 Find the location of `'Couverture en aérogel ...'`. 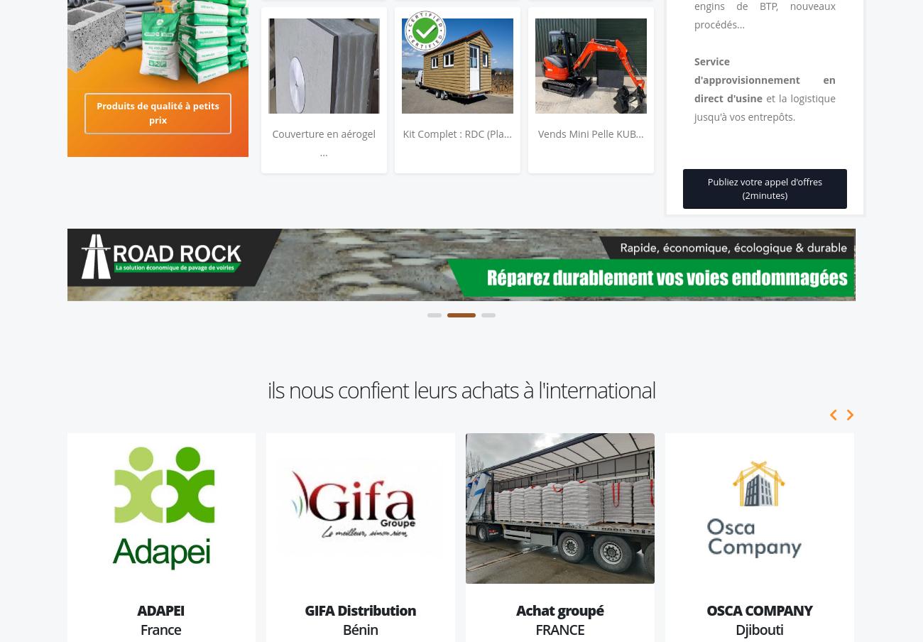

'Couverture en aérogel ...' is located at coordinates (323, 142).